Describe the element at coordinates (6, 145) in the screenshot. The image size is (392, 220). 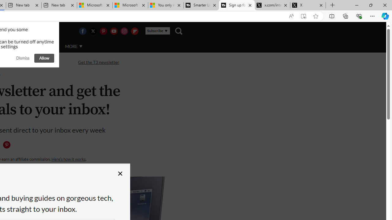
I see `'Class: icon-svg'` at that location.